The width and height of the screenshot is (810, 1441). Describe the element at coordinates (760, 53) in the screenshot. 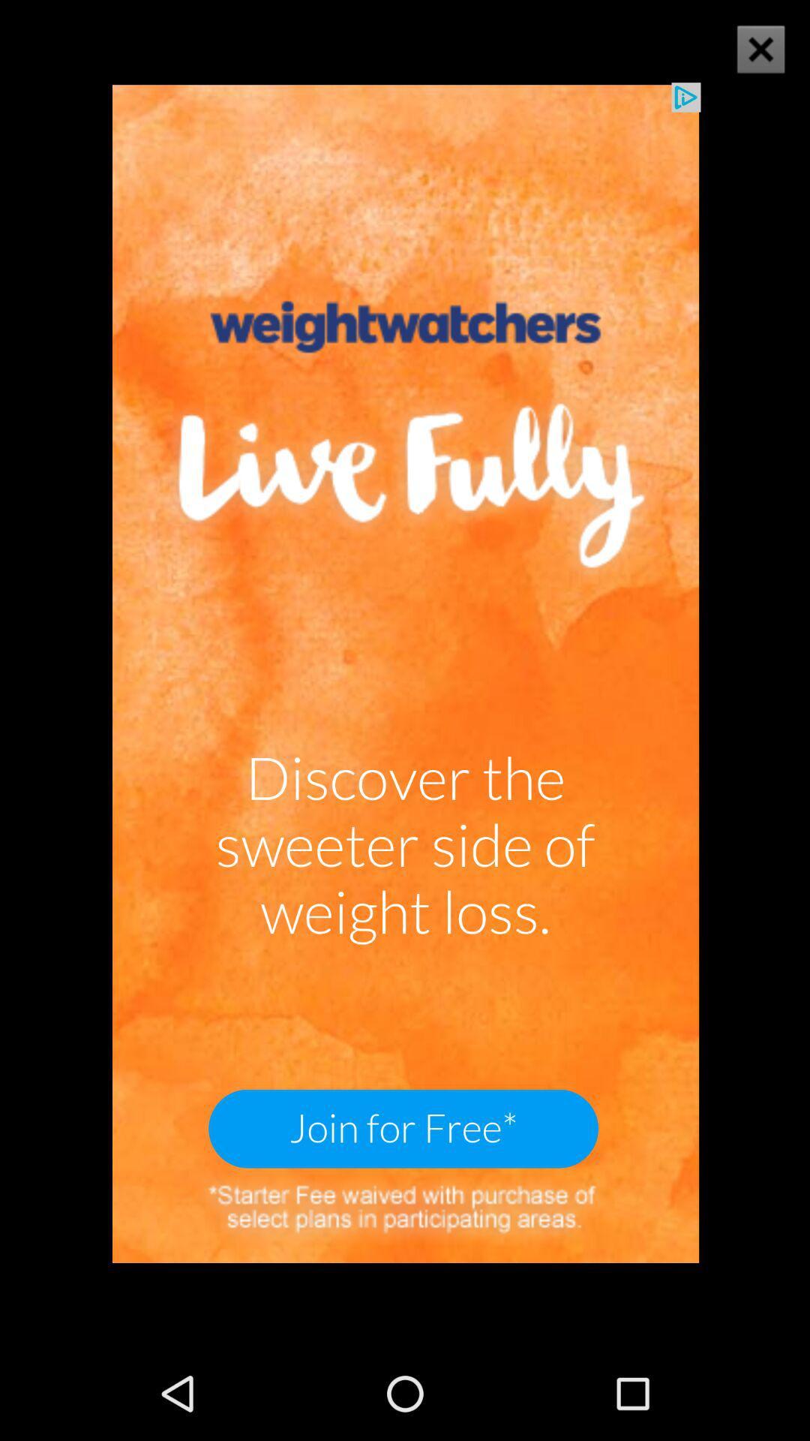

I see `the close icon` at that location.